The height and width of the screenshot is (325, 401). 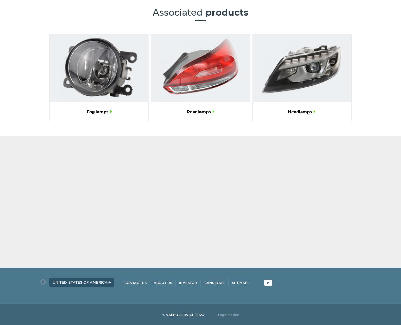 What do you see at coordinates (80, 282) in the screenshot?
I see `'United States of America'` at bounding box center [80, 282].